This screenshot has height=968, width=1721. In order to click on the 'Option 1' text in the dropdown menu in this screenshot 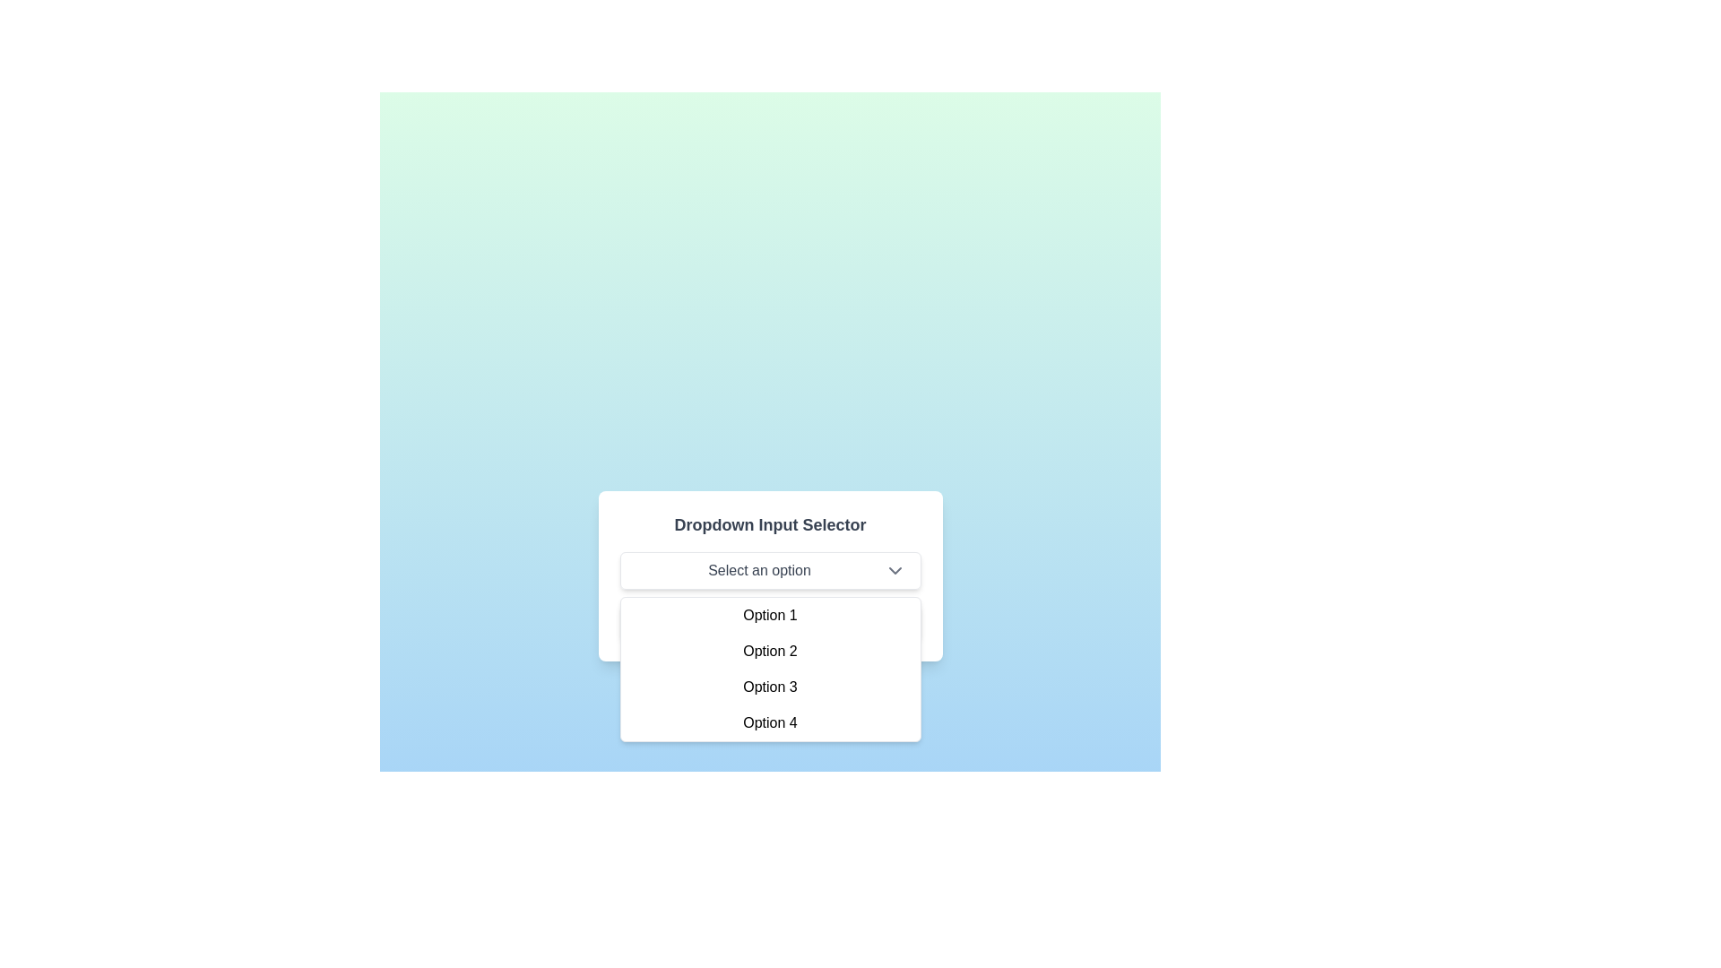, I will do `click(770, 614)`.